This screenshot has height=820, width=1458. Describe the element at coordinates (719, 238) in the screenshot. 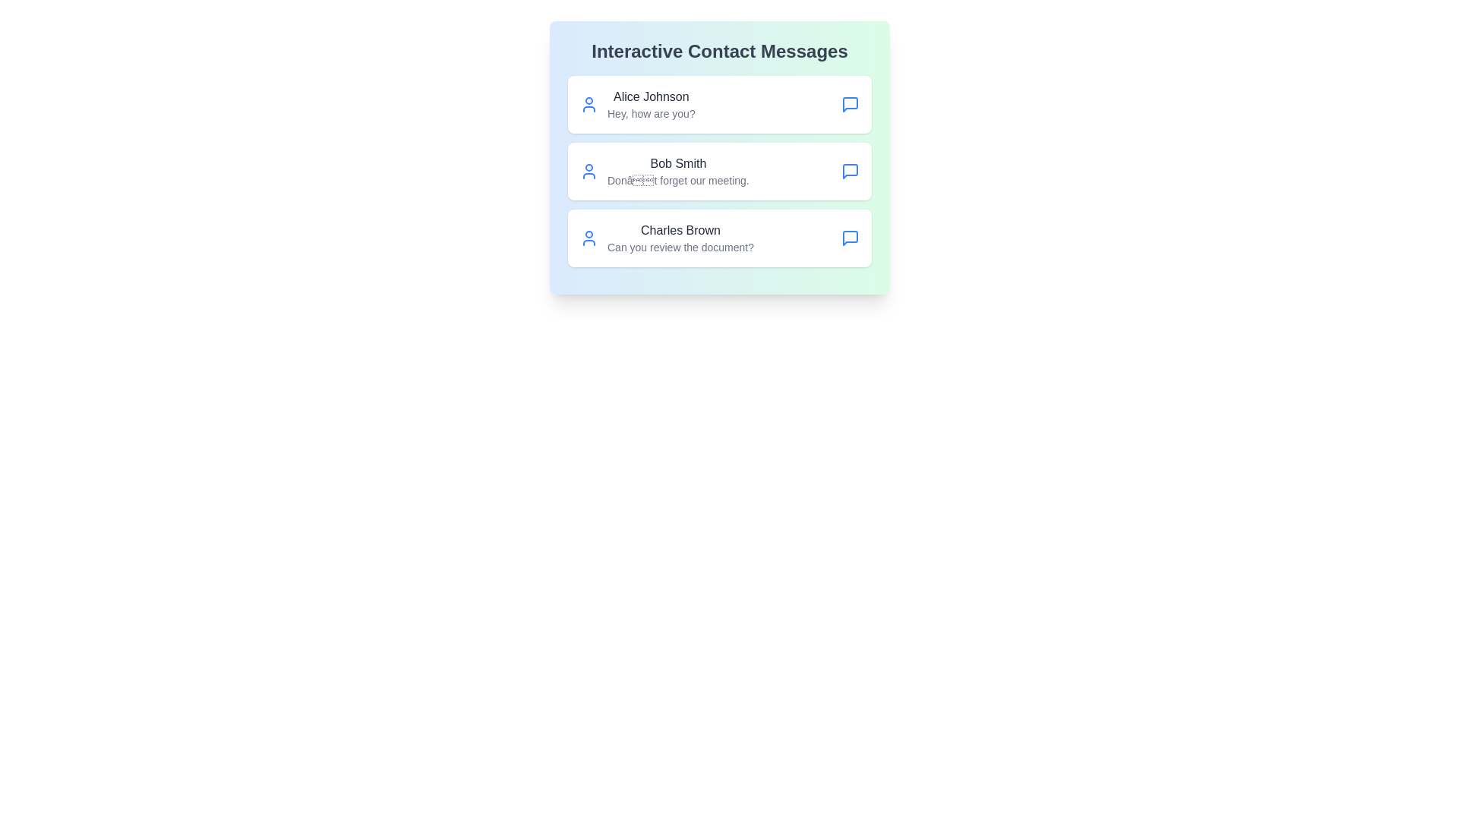

I see `the contact Charles Brown from the list` at that location.